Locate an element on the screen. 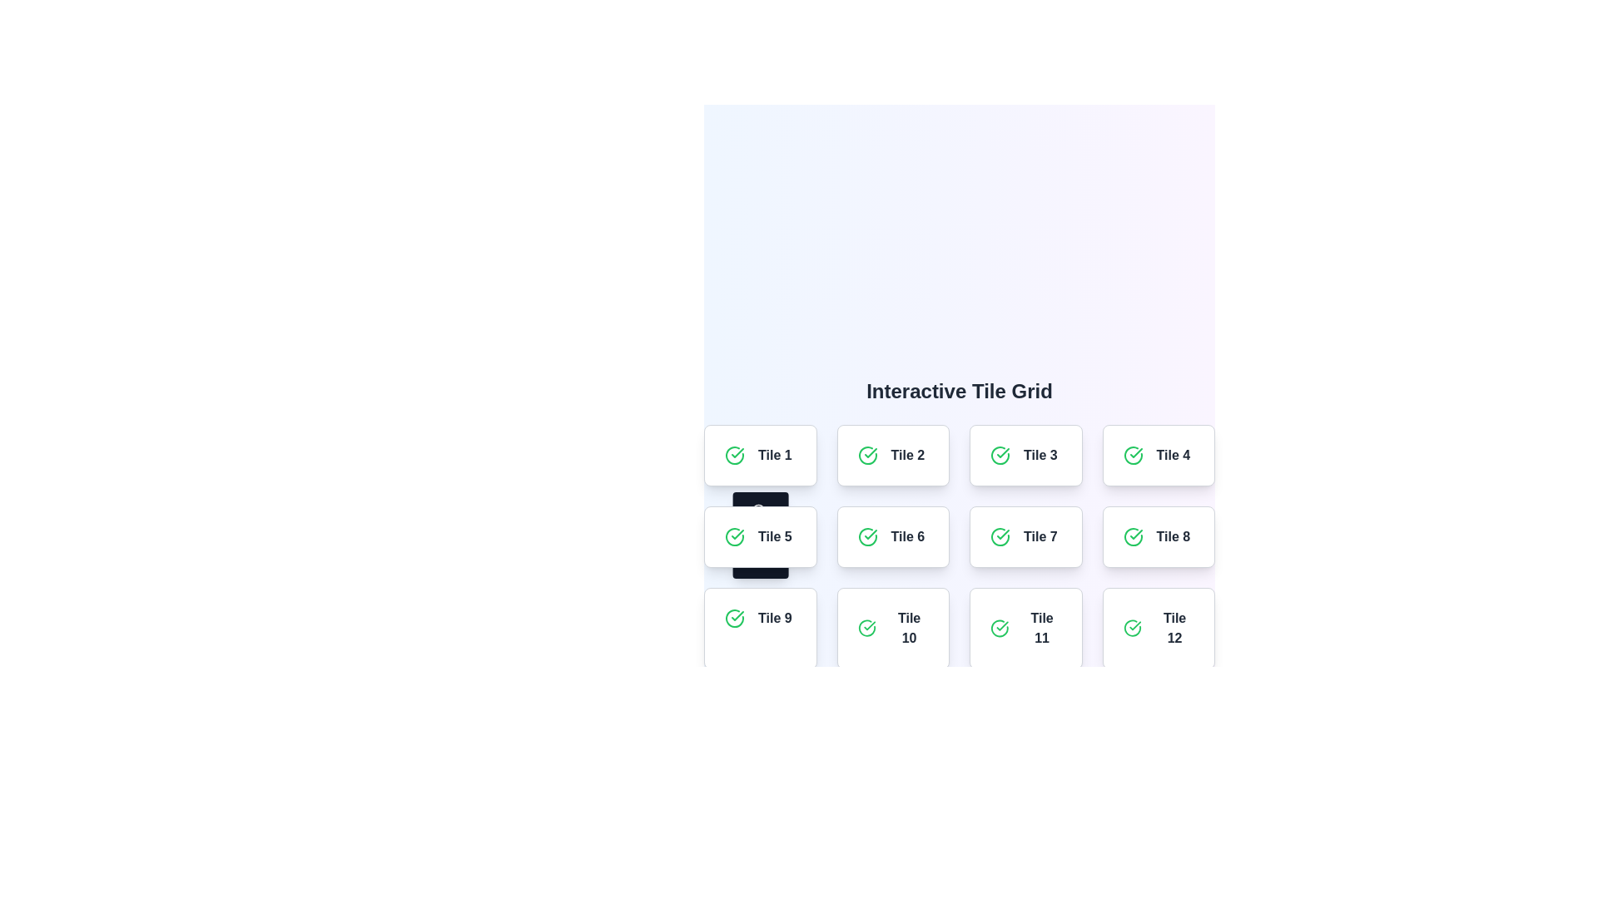 This screenshot has width=1598, height=898. the text label identifying the tile as 'Tile 1' within the top-left tile of the 3x4 grid layout in the interactive tile grid is located at coordinates (759, 455).